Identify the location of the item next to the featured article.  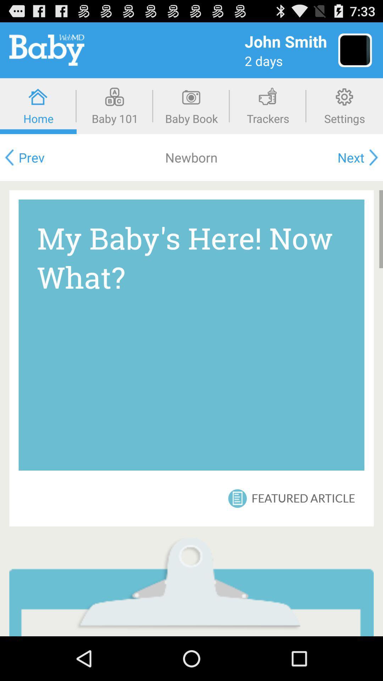
(237, 498).